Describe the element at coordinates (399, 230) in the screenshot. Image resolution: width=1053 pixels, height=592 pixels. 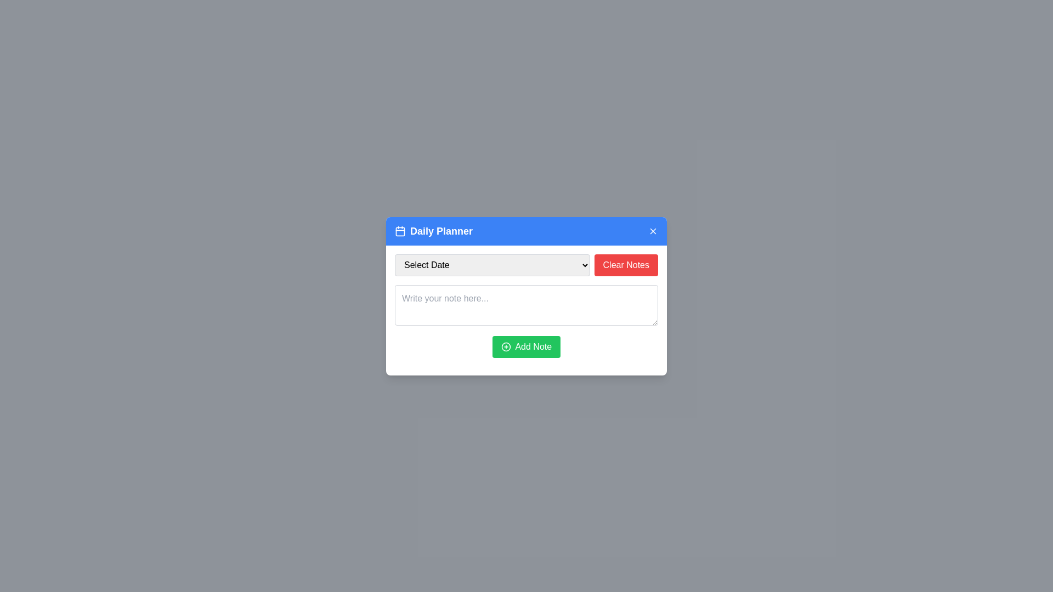
I see `the calendar icon with a blue background and white lines, located to the left of the 'Daily Planner' text in the header bar of the dialog box` at that location.